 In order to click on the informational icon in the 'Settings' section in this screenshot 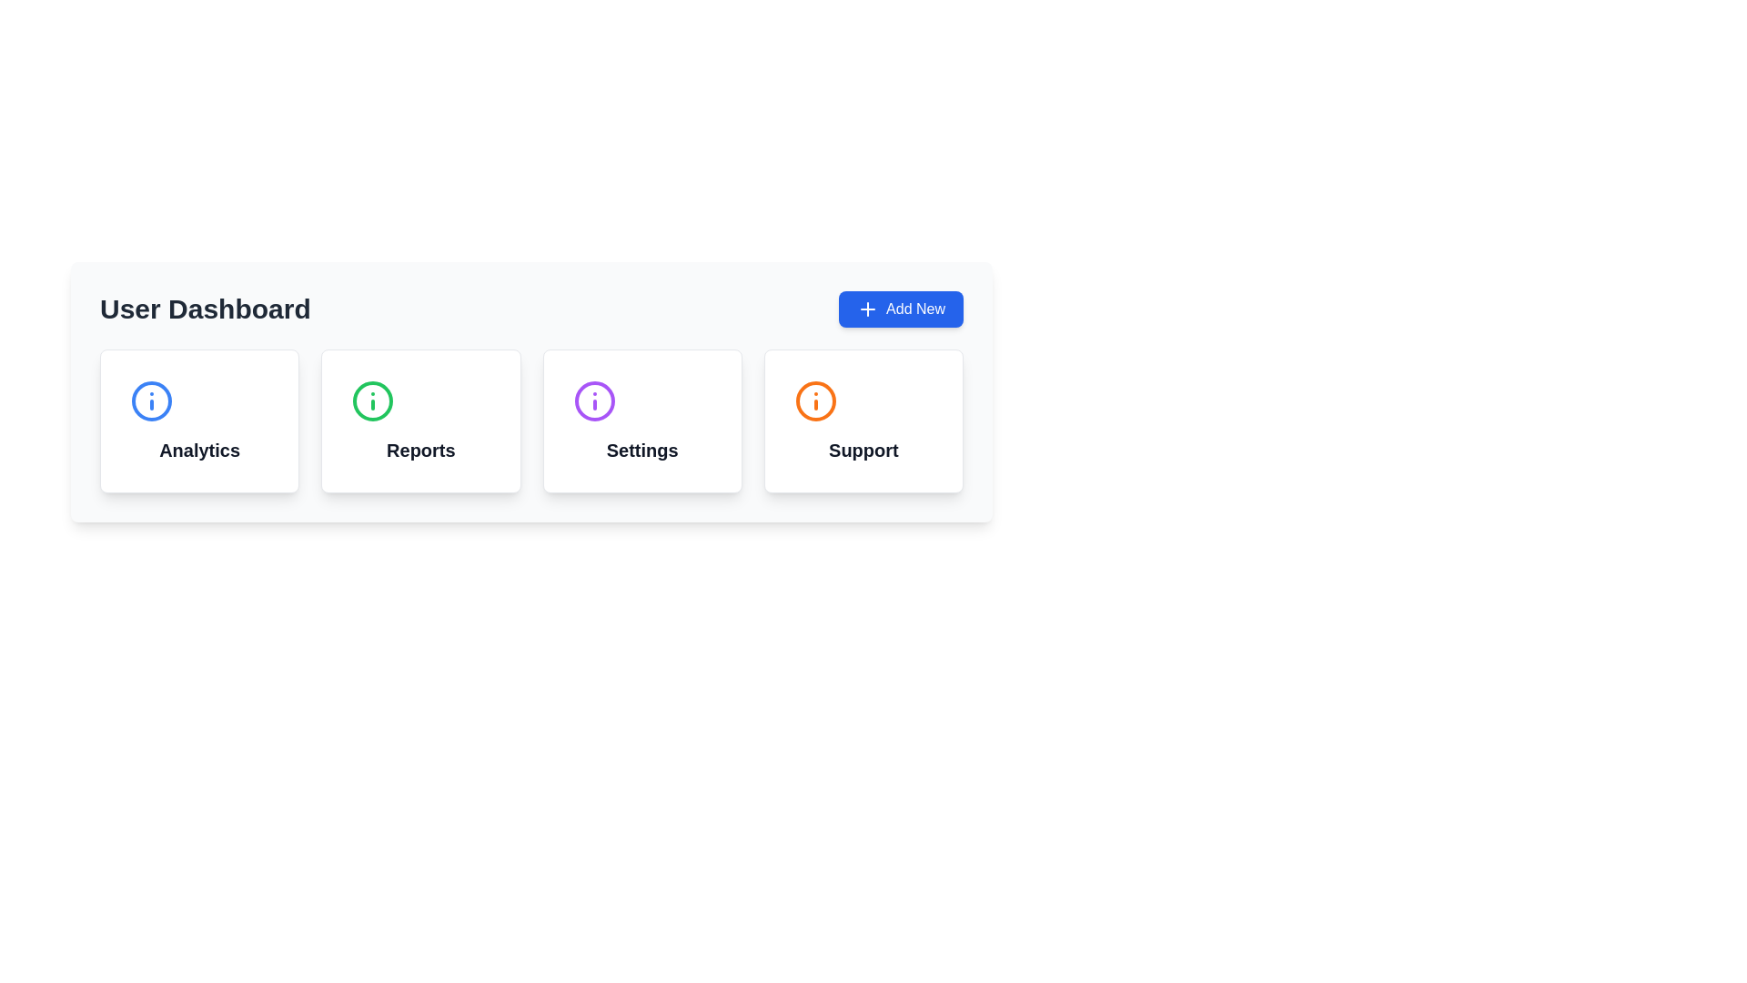, I will do `click(594, 400)`.